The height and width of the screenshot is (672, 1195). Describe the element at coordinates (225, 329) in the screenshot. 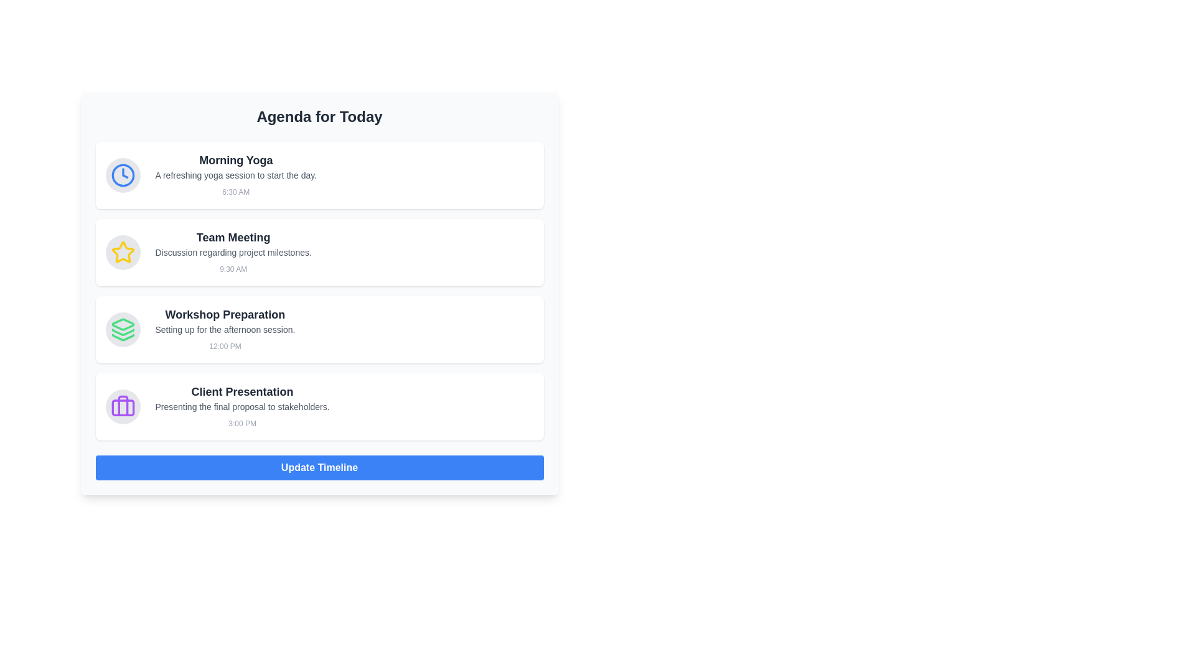

I see `the text block titled 'Workshop Preparation', which contains the subtitle 'Setting up for the afternoon session.' and the timestamp '12:00 PM'. This element is the third item in a vertical list of agenda items, positioned between 'Team Meeting' and 'Client Presentation'` at that location.